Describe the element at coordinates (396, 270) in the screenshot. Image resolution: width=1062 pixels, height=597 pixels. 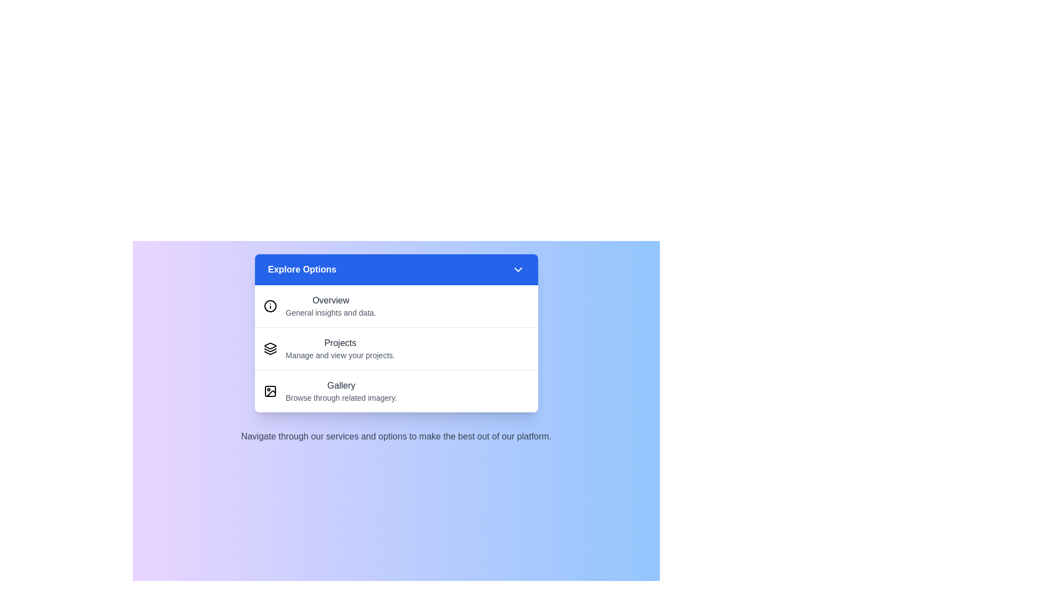
I see `'Explore Options' button to toggle the menu visibility` at that location.